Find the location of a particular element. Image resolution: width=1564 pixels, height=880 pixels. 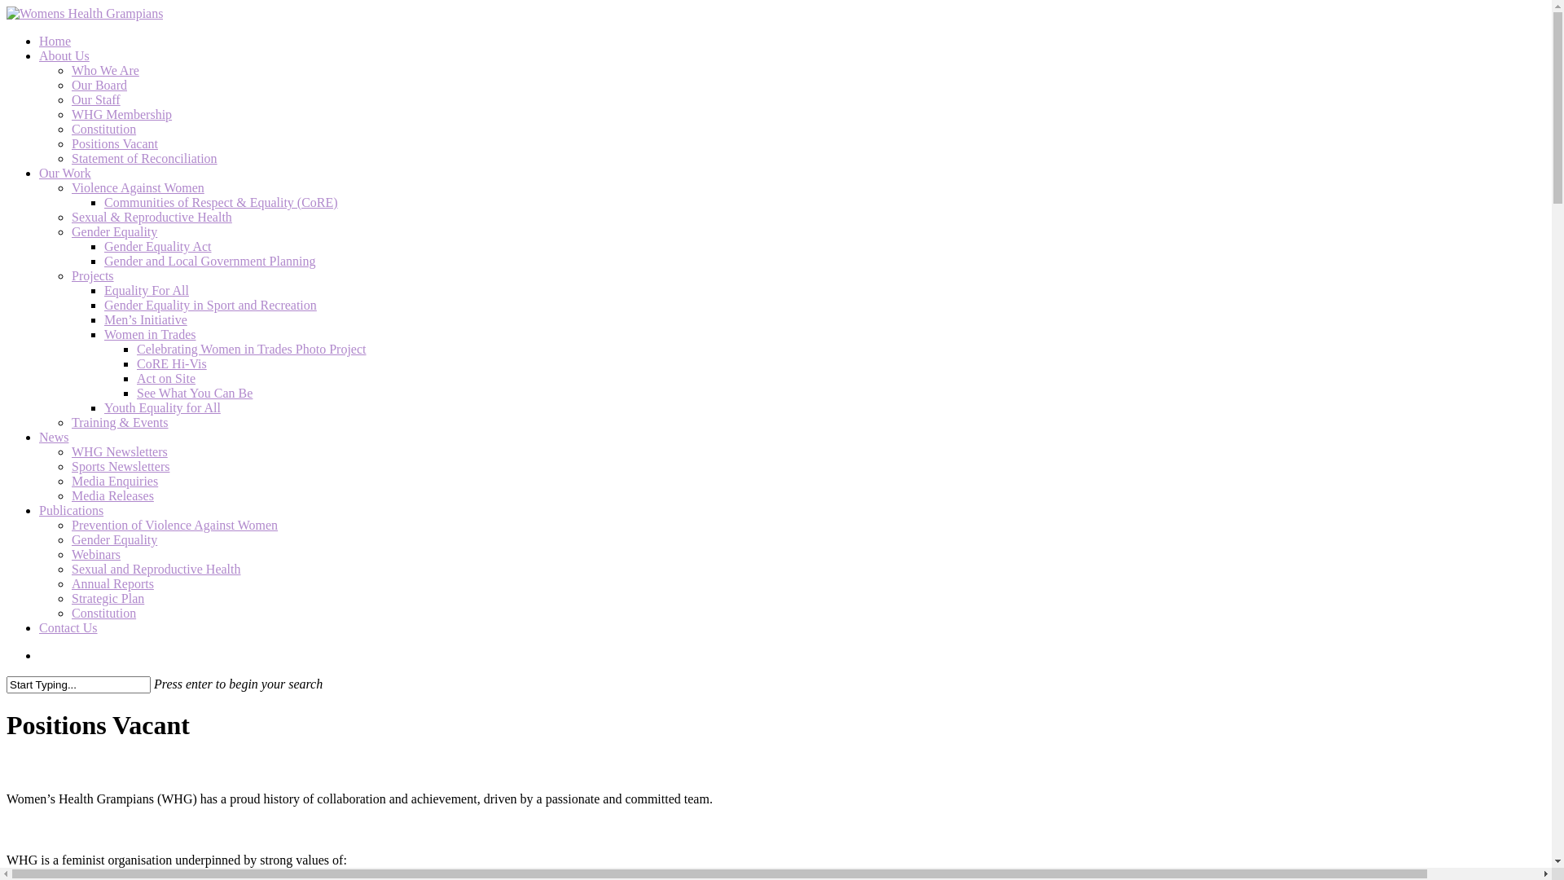

'Training & Events' is located at coordinates (119, 421).